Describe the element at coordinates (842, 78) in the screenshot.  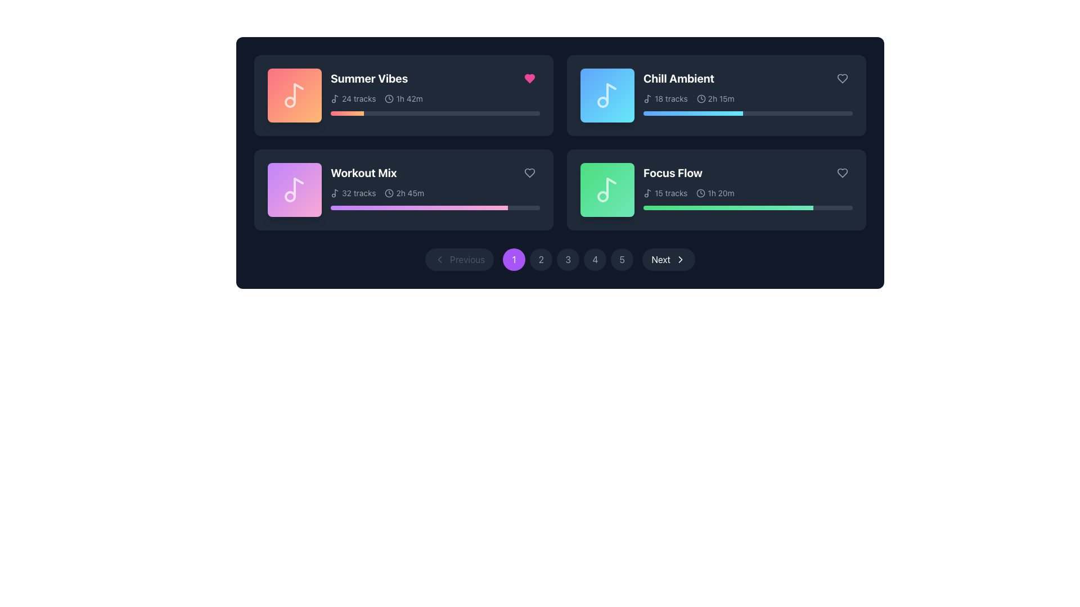
I see `the heart-shaped icon button located next to the text 'Chill Ambient' to like or favorite the item` at that location.